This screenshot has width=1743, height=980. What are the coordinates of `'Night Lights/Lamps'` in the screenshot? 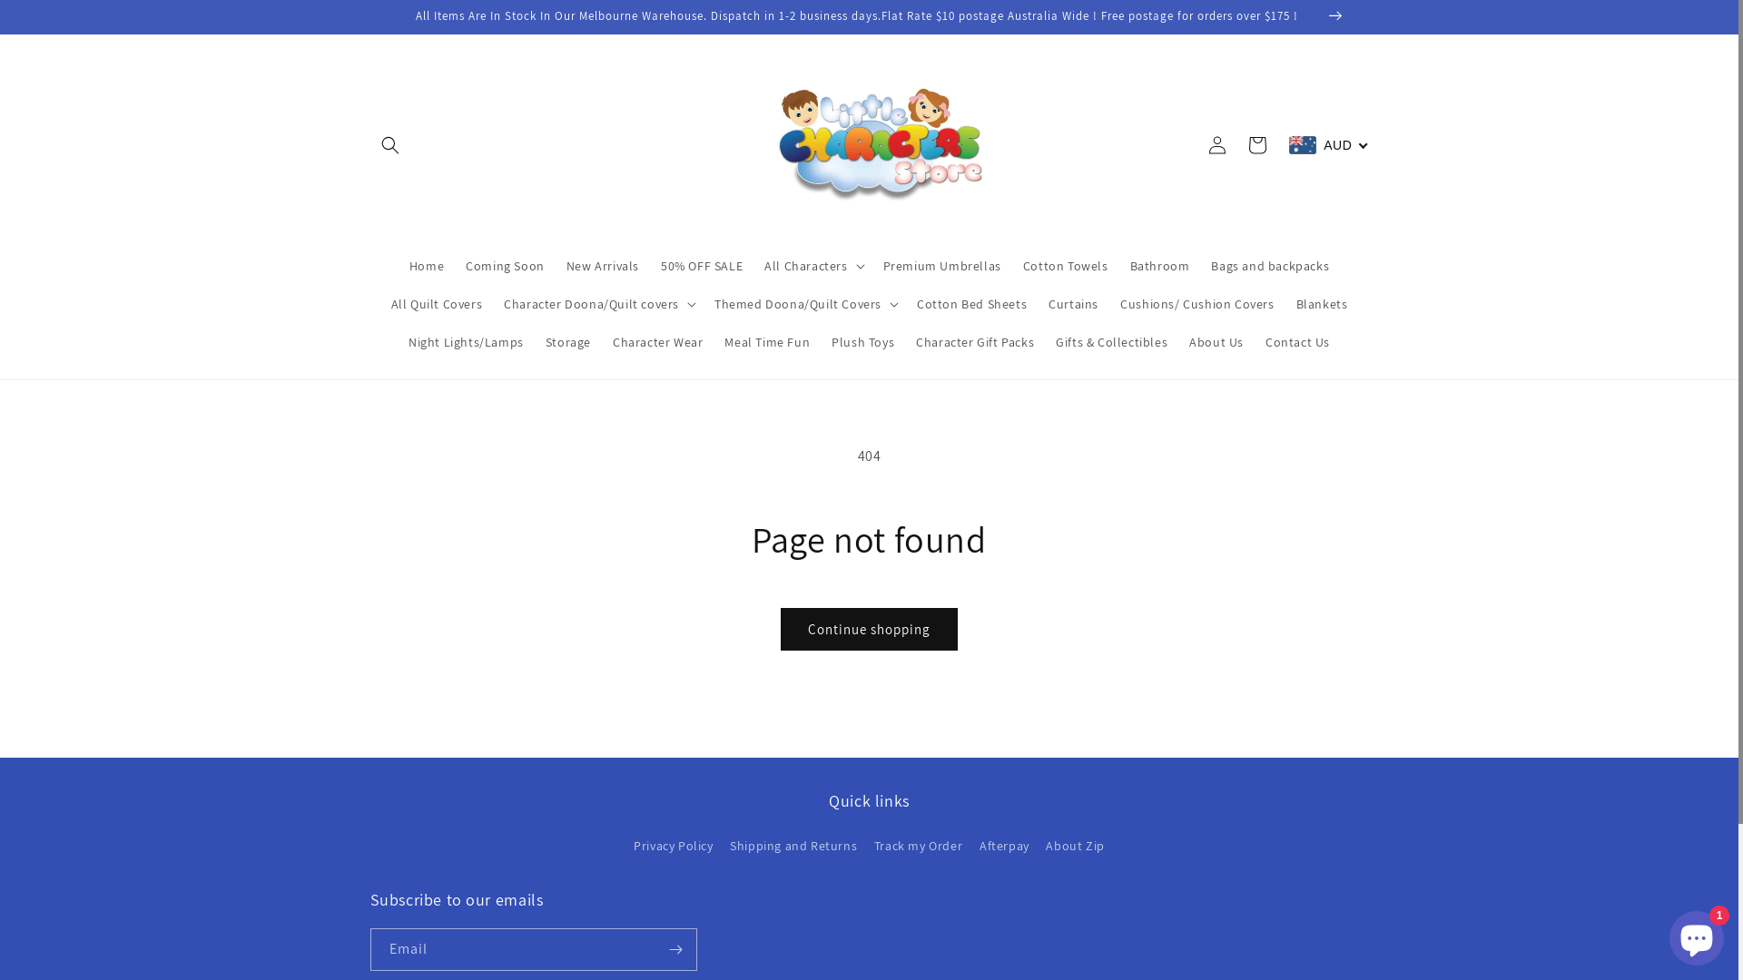 It's located at (466, 342).